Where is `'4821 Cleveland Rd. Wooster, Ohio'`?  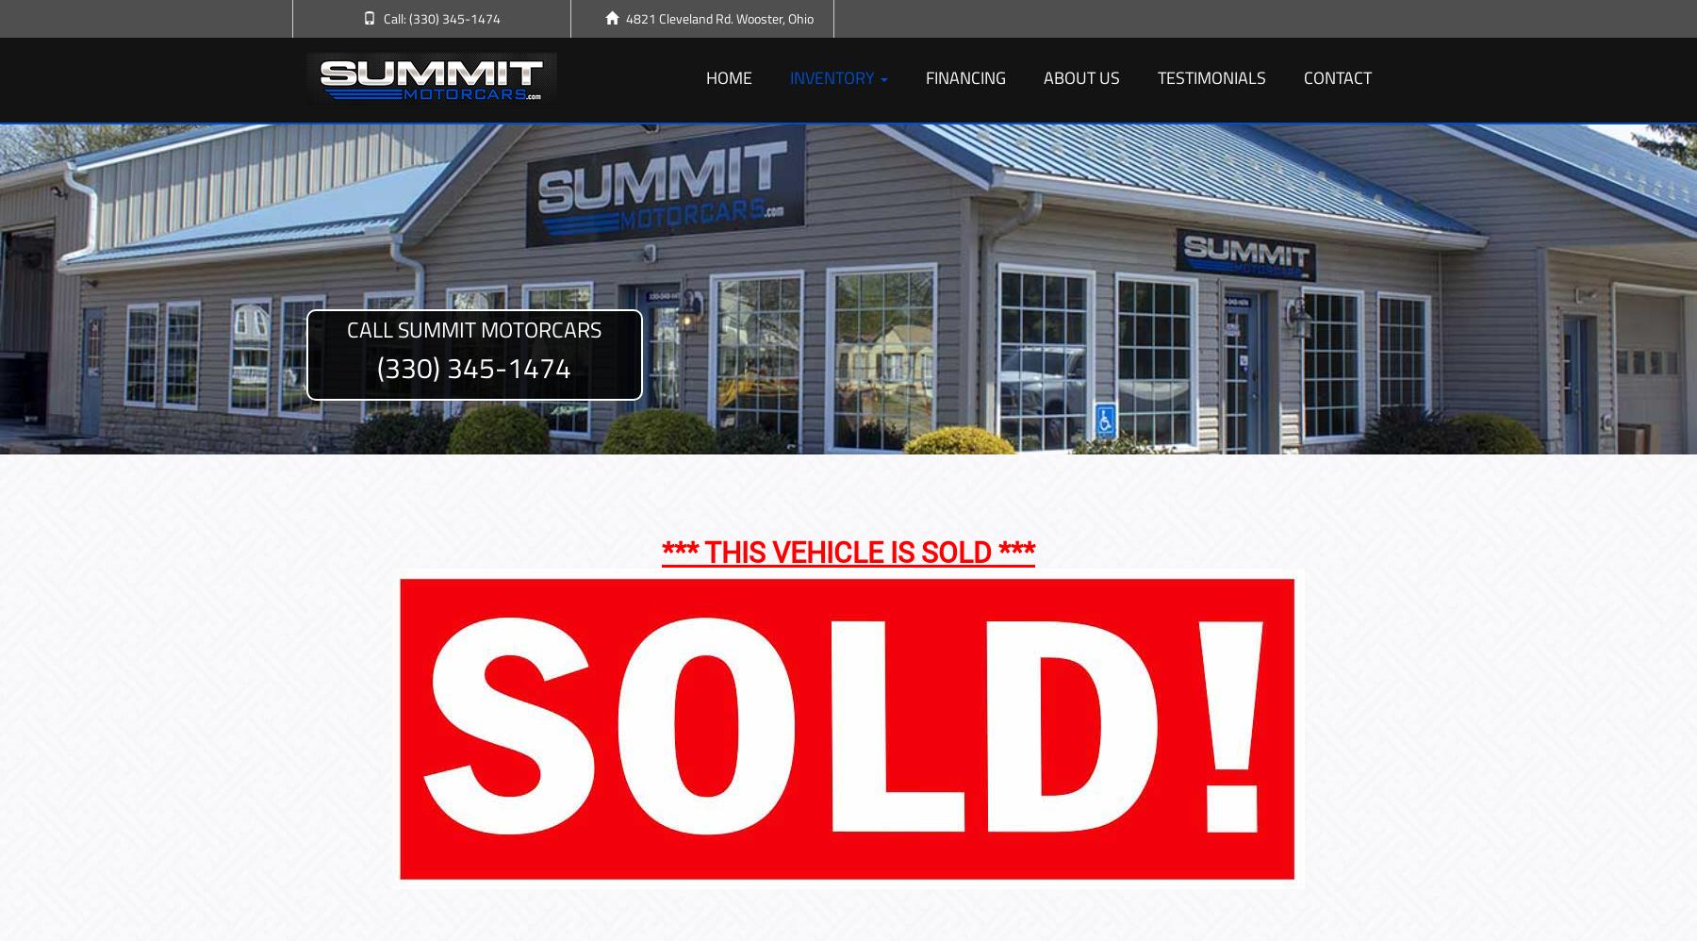 '4821 Cleveland Rd. Wooster, Ohio' is located at coordinates (718, 18).